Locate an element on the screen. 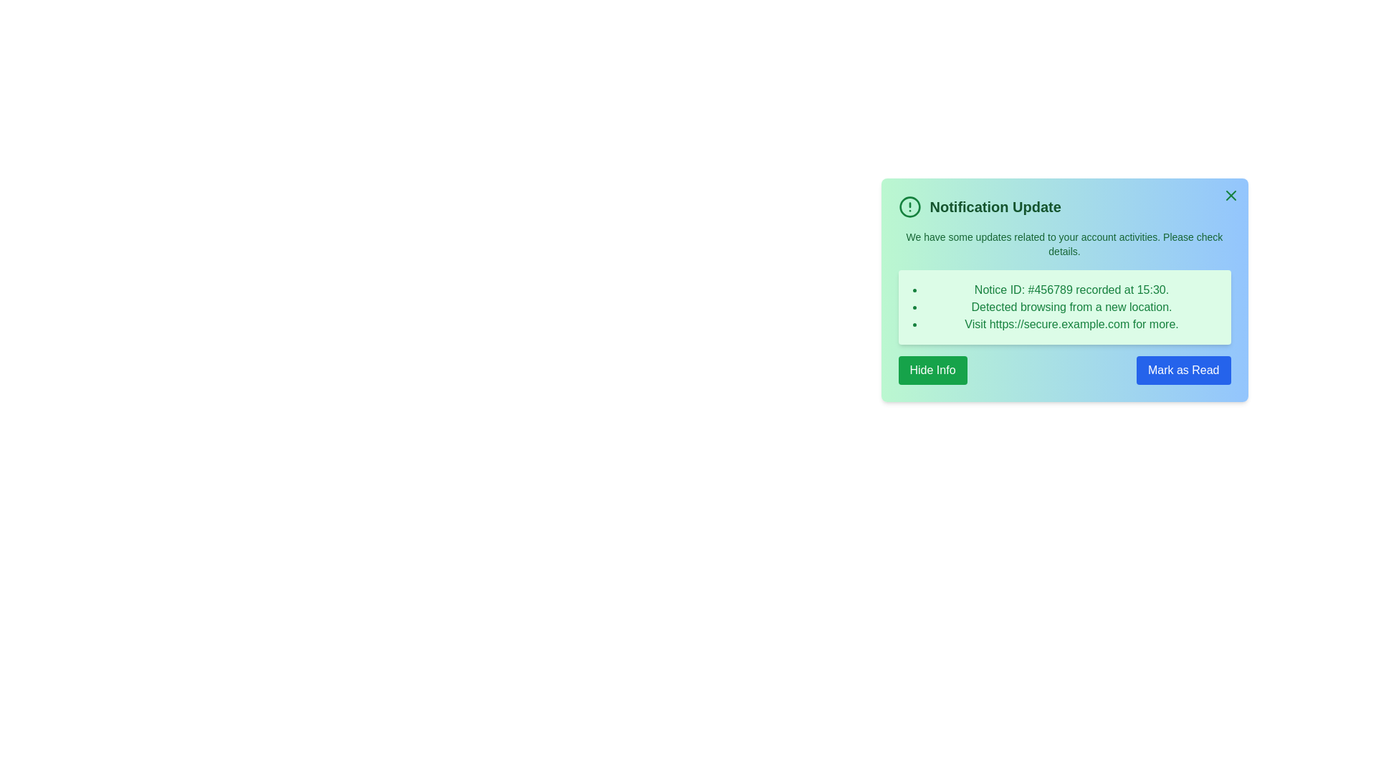  the 'X' button to close the alert is located at coordinates (1230, 196).